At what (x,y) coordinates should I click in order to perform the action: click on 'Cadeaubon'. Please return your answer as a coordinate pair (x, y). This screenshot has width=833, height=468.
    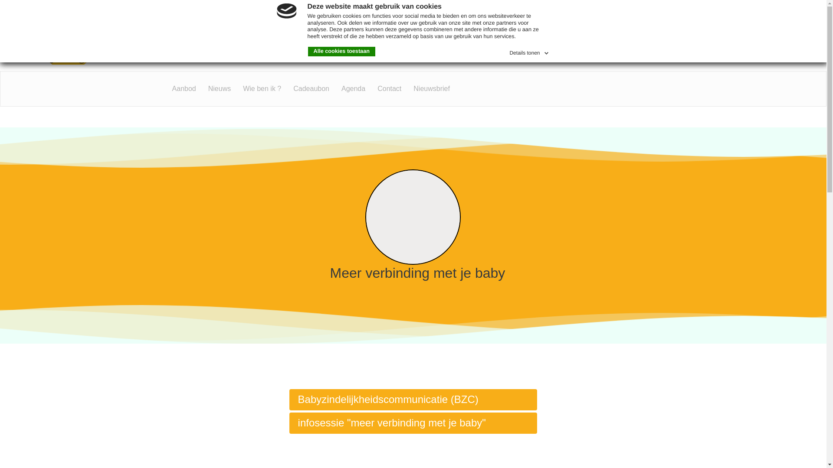
    Looking at the image, I should click on (311, 88).